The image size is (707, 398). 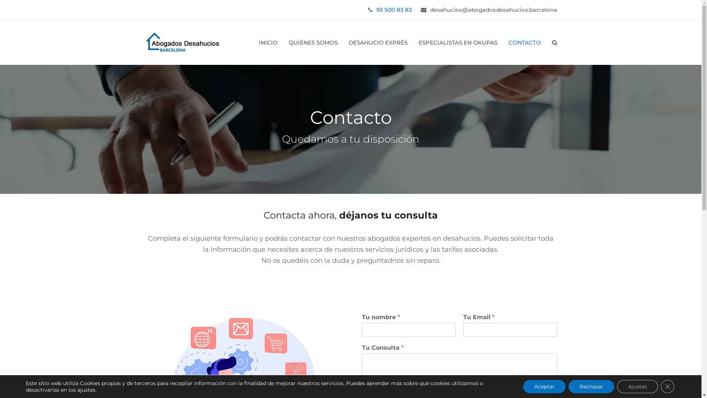 I want to click on 'CONTACTO', so click(x=503, y=42).